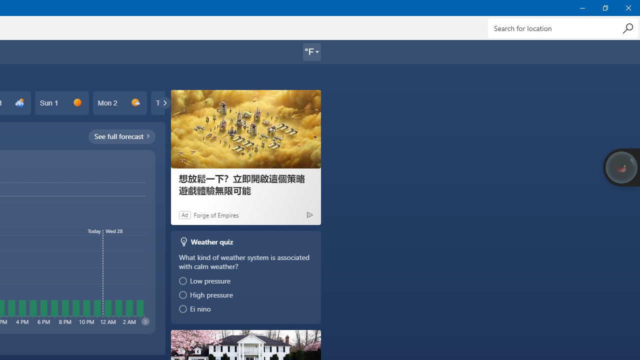 This screenshot has height=360, width=640. What do you see at coordinates (582, 7) in the screenshot?
I see `'Minimize Weather'` at bounding box center [582, 7].